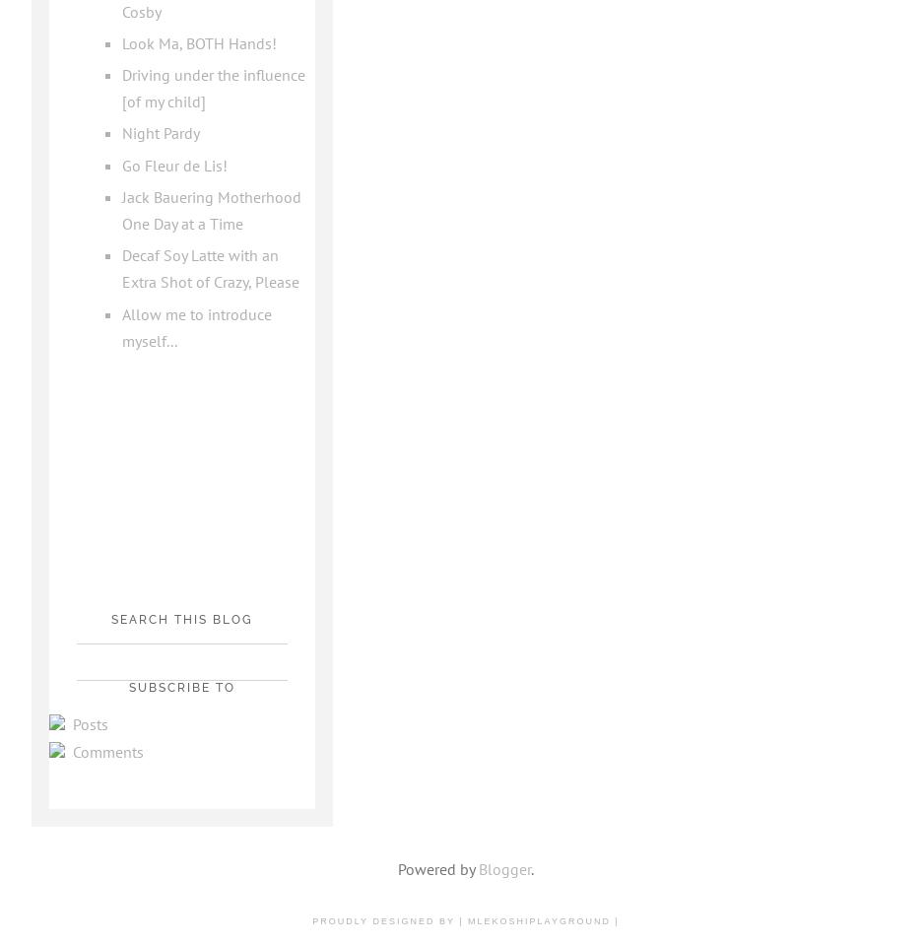 The image size is (924, 946). I want to click on 'Go Fleur de Lis!', so click(172, 164).